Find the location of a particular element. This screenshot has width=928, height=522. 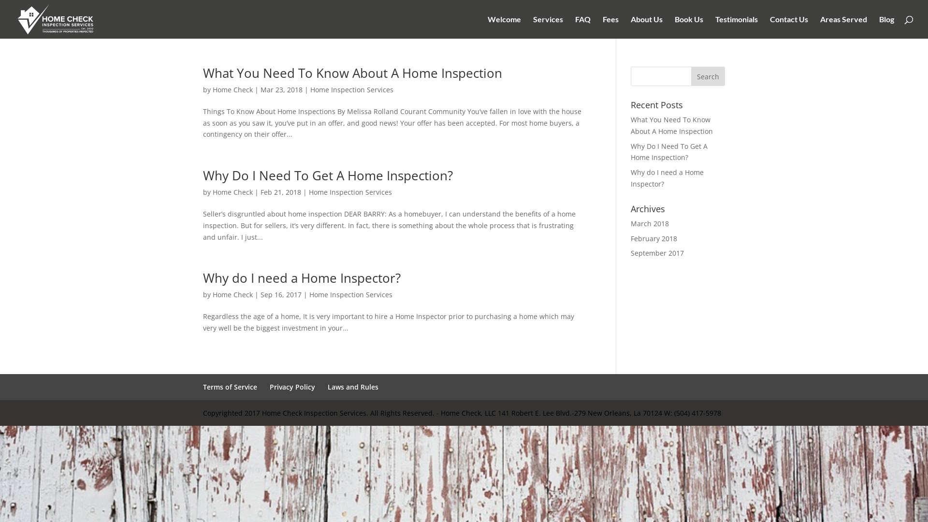

'Testimonials' is located at coordinates (736, 27).